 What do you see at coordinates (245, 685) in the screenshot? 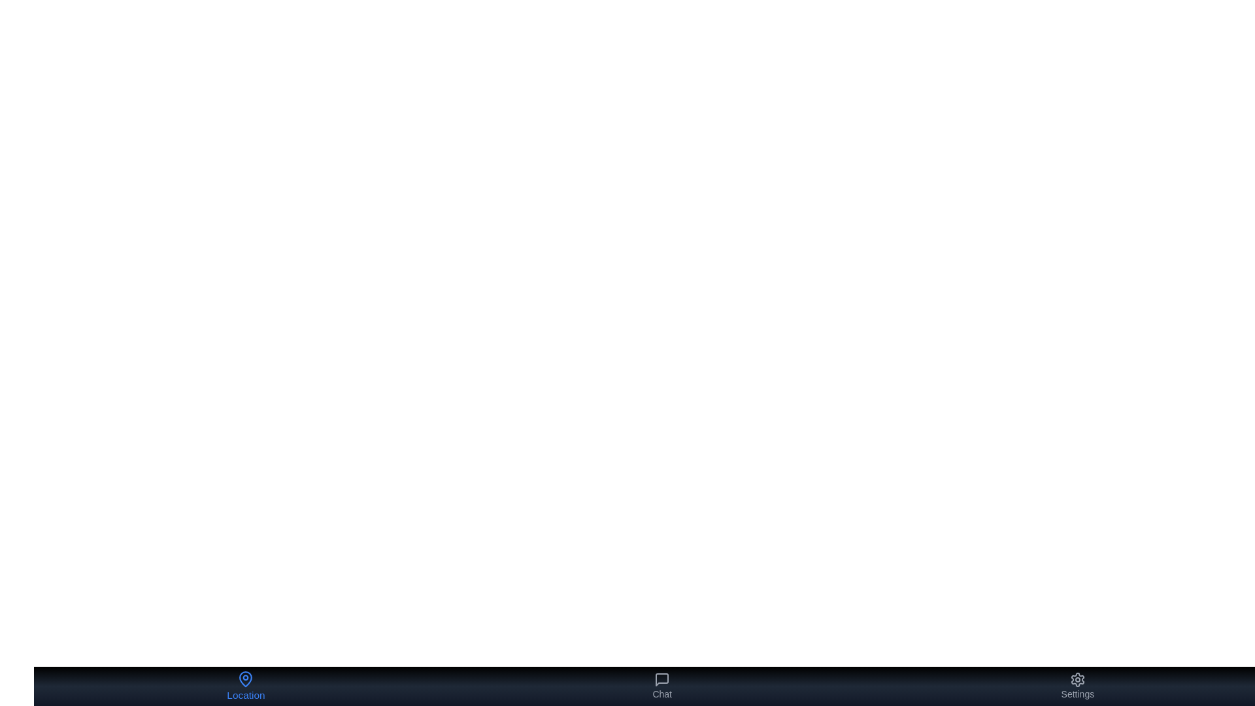
I see `the 'Location' button in the bottom navigation bar` at bounding box center [245, 685].